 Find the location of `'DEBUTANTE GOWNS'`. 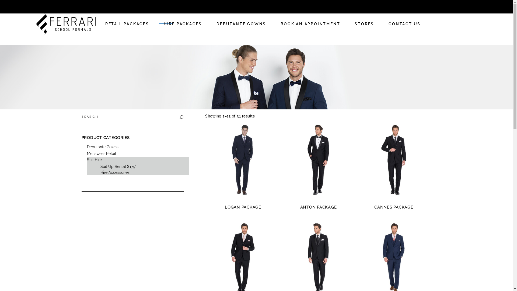

'DEBUTANTE GOWNS' is located at coordinates (209, 23).